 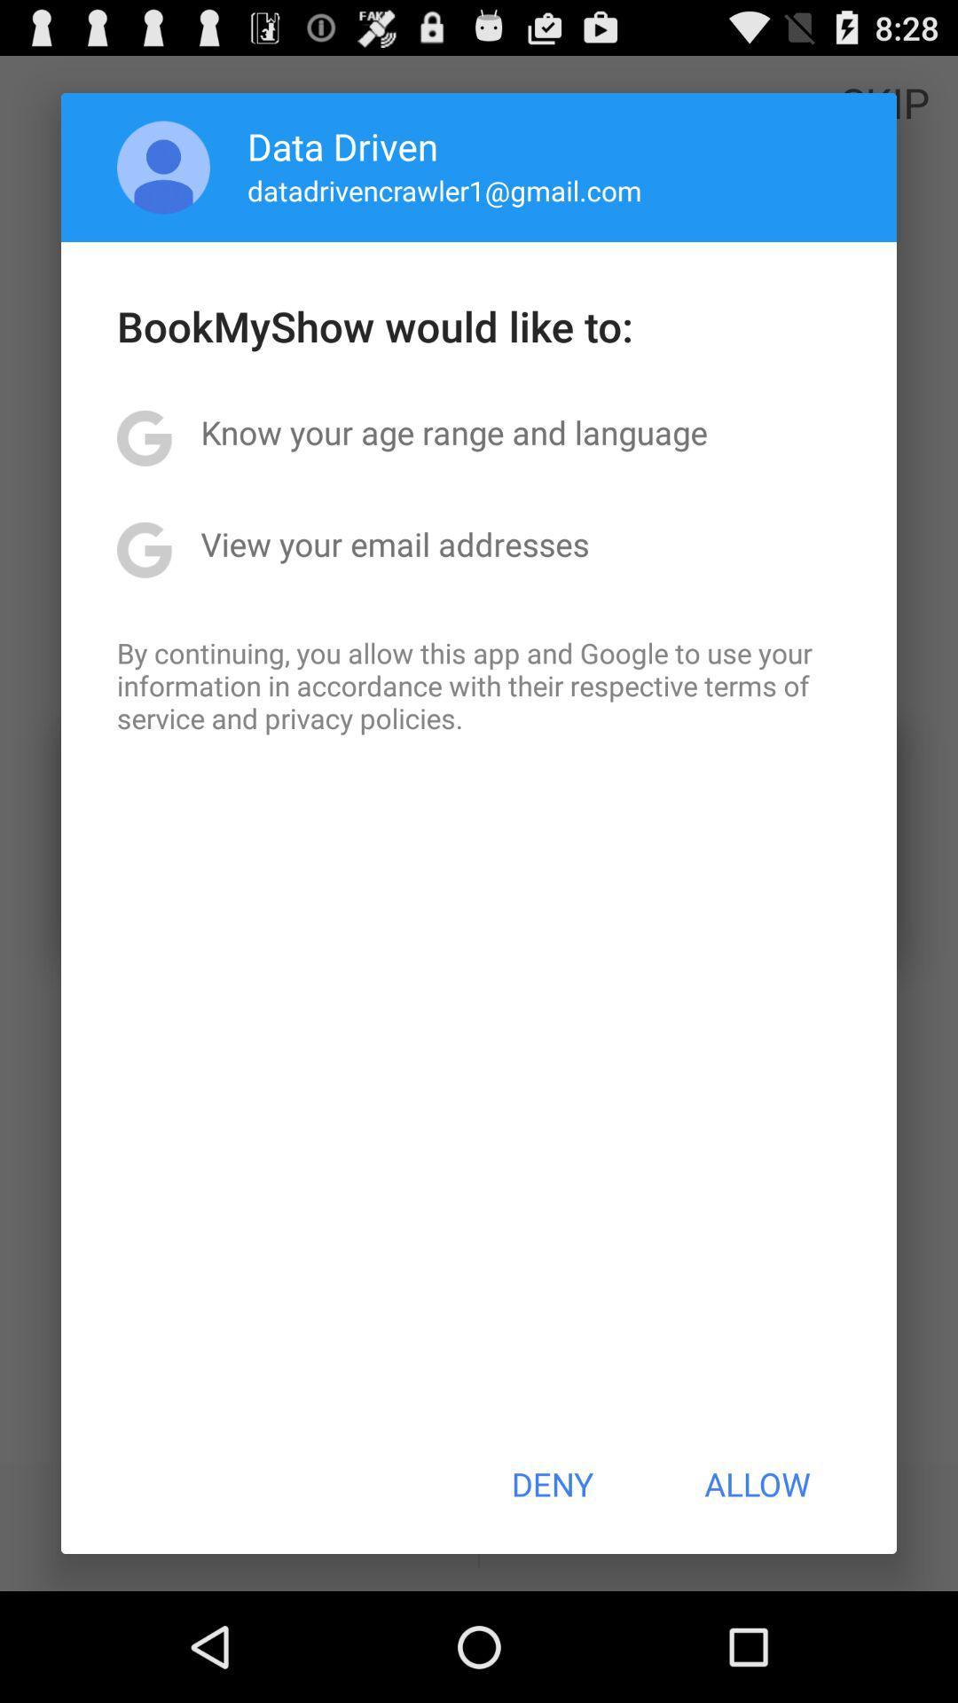 What do you see at coordinates (551, 1484) in the screenshot?
I see `button next to allow` at bounding box center [551, 1484].